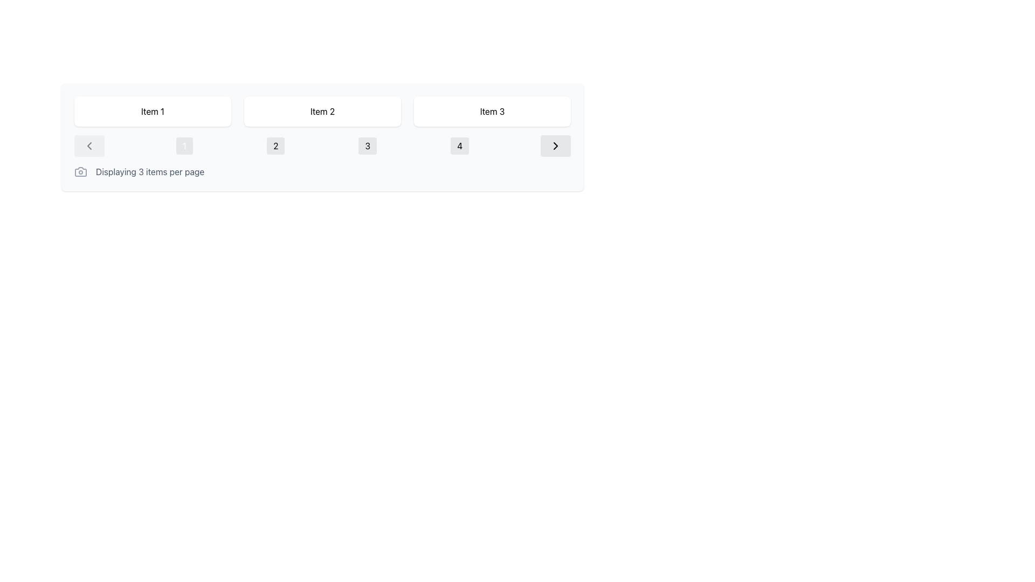 The height and width of the screenshot is (582, 1035). I want to click on the text label displaying 'Displaying 3 items per page' located in the bottom-left of the pagination section, adjacent to the camera icon, so click(149, 171).